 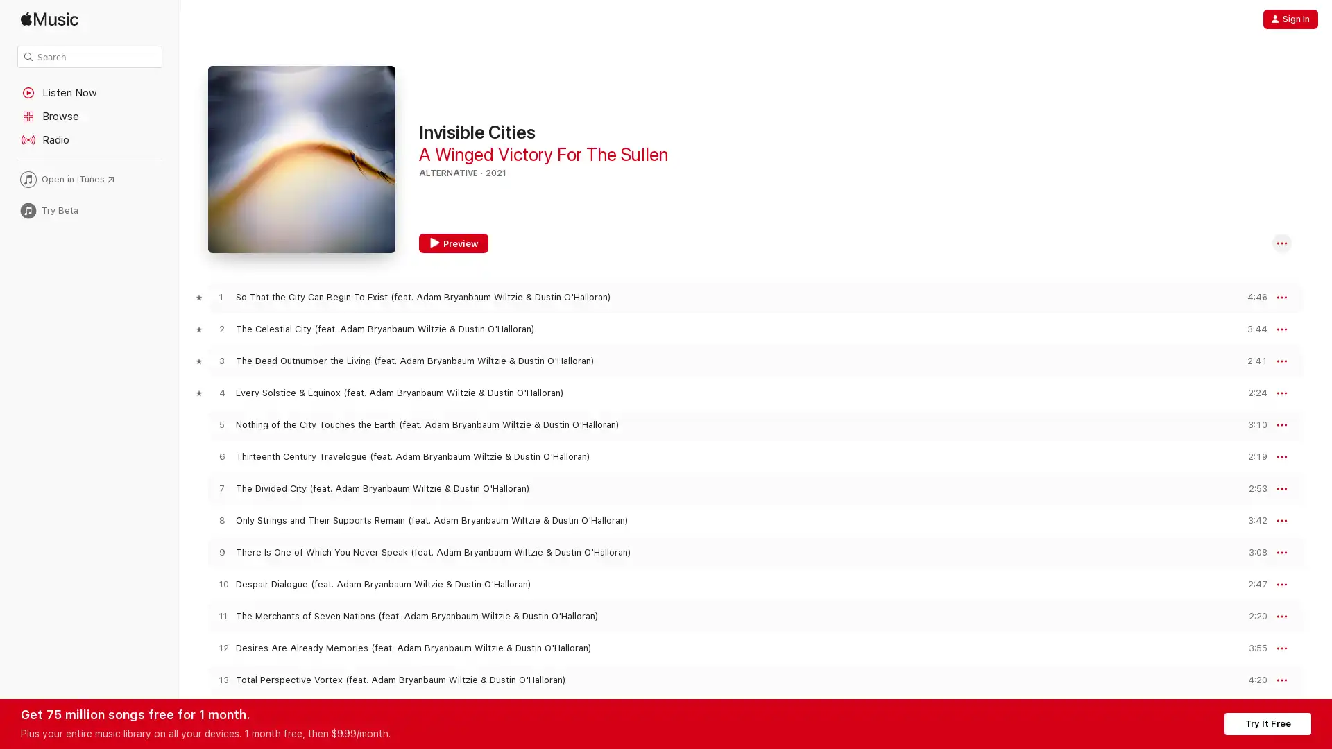 What do you see at coordinates (1252, 456) in the screenshot?
I see `Preview` at bounding box center [1252, 456].